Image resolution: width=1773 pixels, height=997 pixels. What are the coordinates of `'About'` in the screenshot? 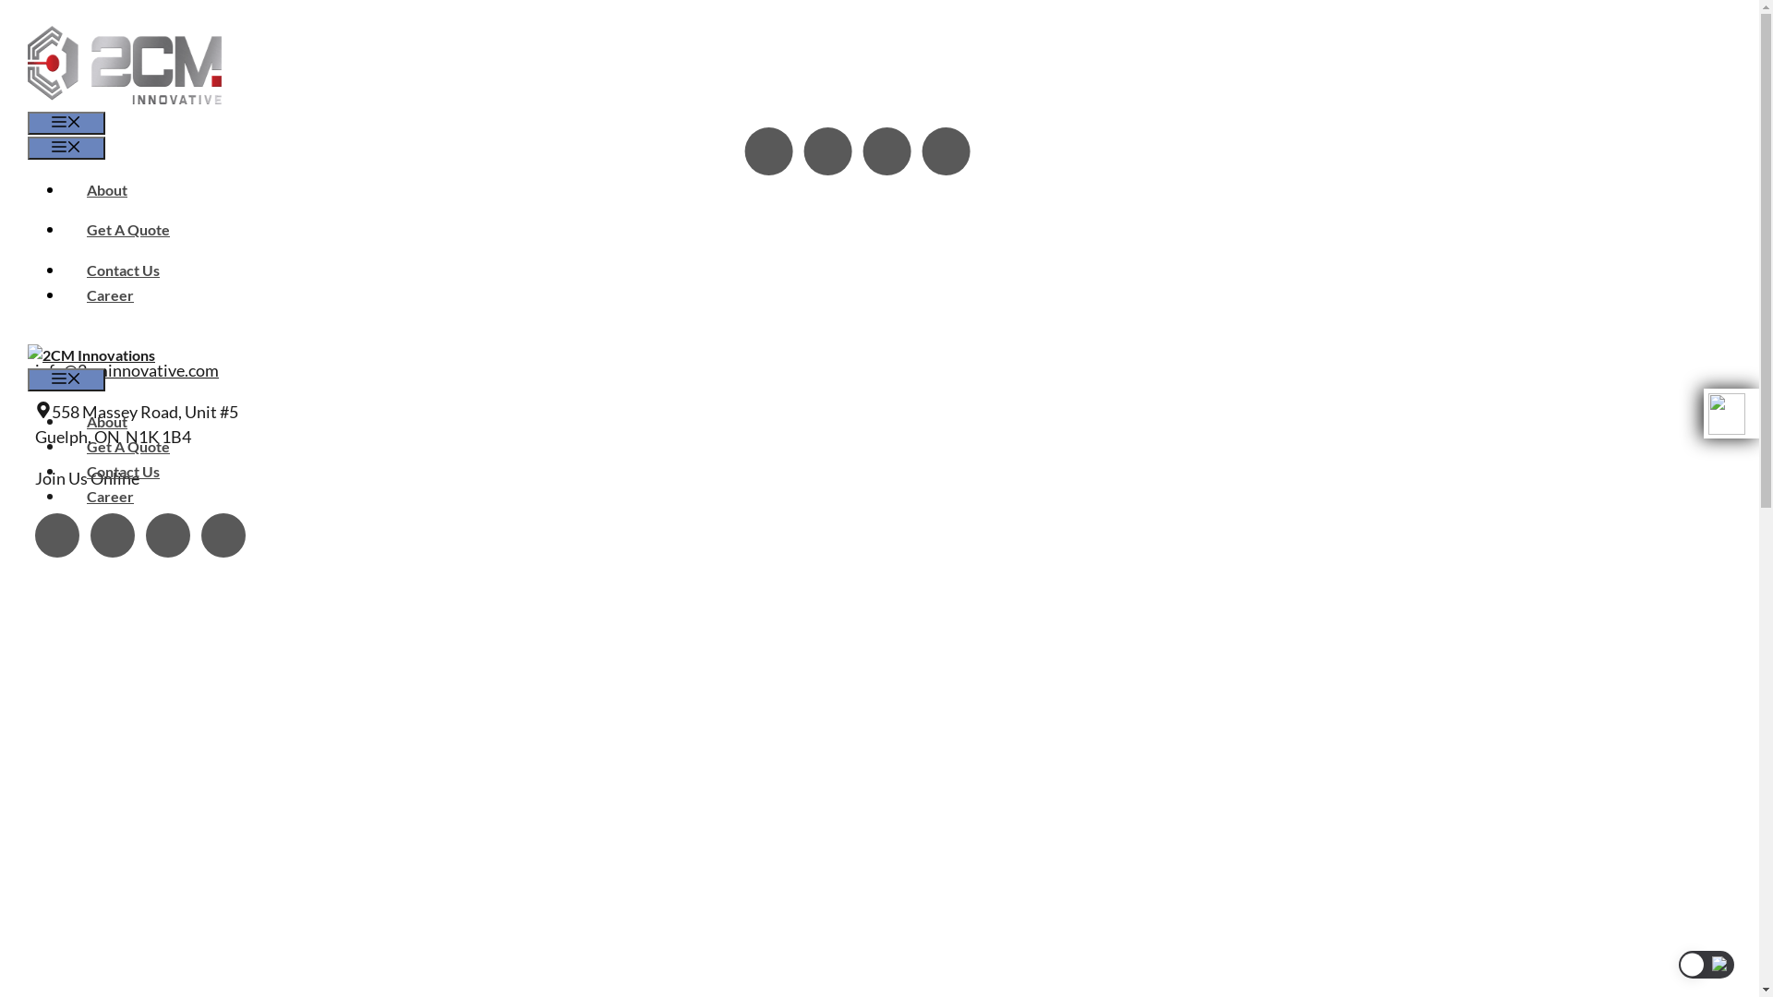 It's located at (105, 421).